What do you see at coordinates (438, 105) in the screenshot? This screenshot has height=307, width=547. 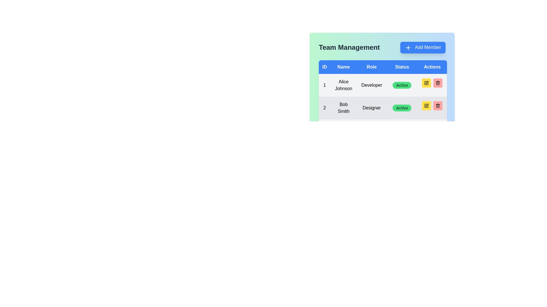 I see `the trash icon button with a red background in the 'Actions' column of the second row associated with user 'Bob Smith'` at bounding box center [438, 105].